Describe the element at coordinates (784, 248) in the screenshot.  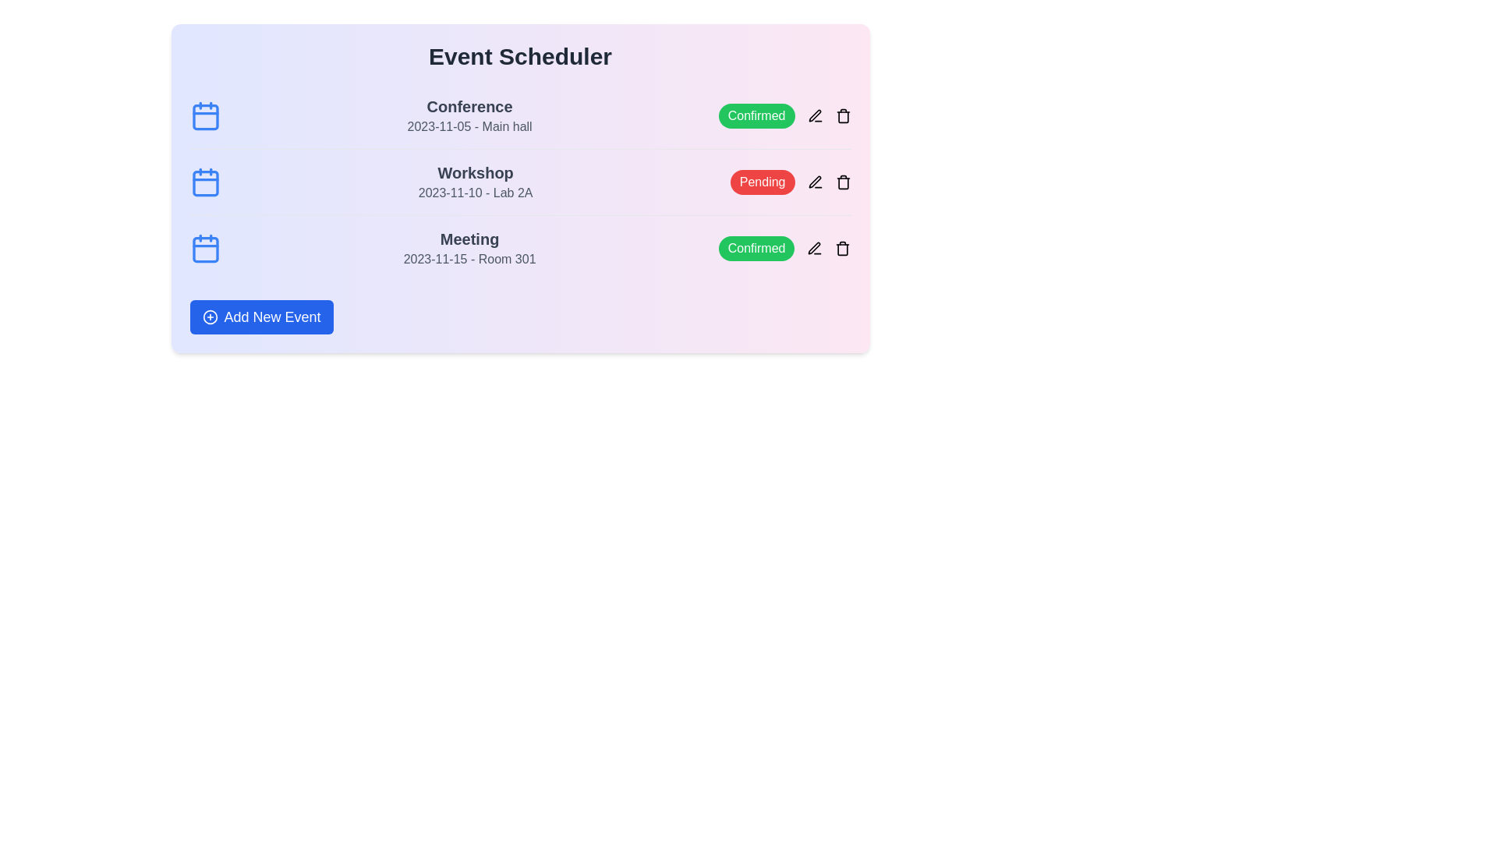
I see `the 'Confirmed' button, a rounded button with bold white text on a green background, located in the right-hand section of the third event row ('Meeting 2023-11-15 - Room 301') in the Event Scheduler interface` at that location.